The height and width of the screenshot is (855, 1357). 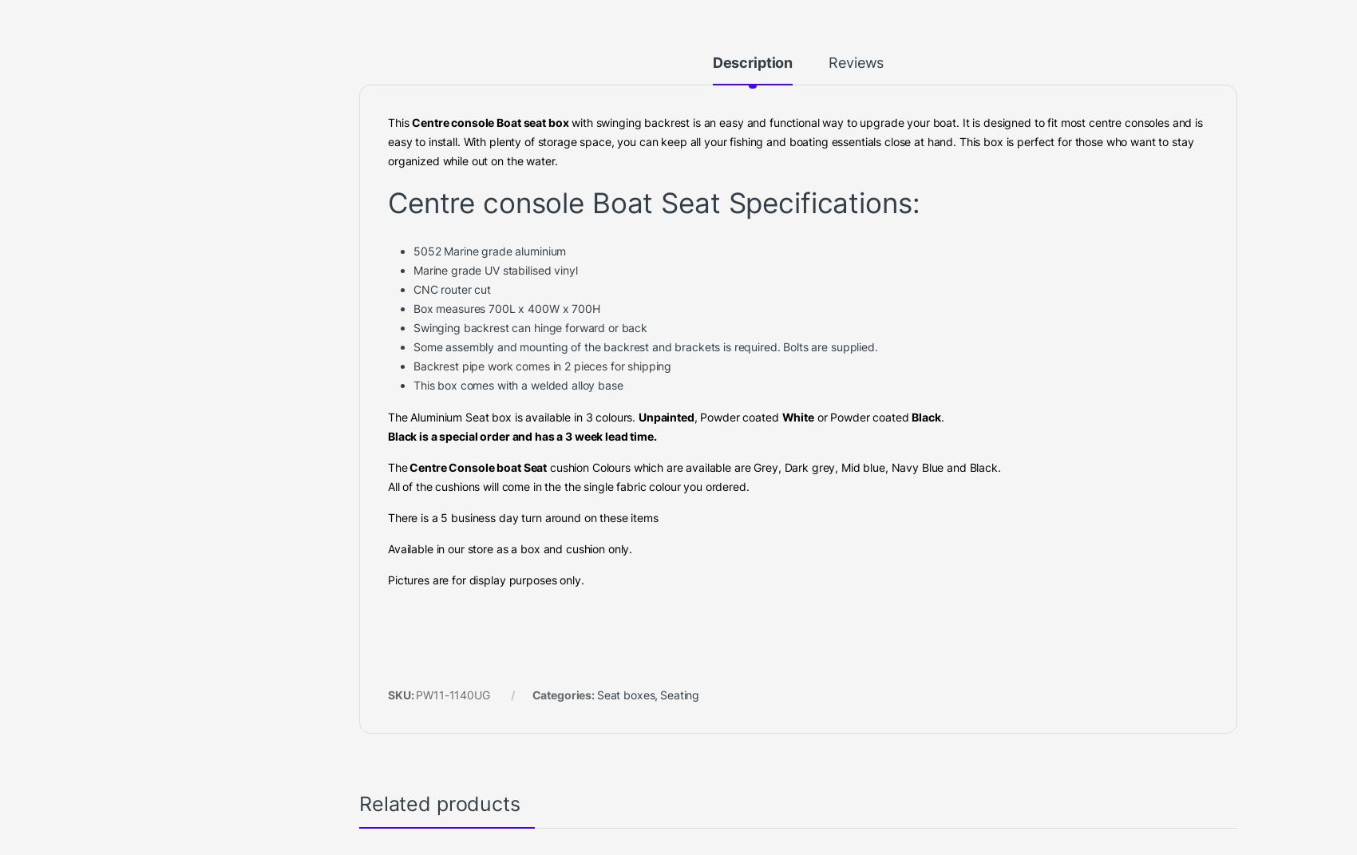 What do you see at coordinates (1015, 90) in the screenshot?
I see `'Payment Methods'` at bounding box center [1015, 90].